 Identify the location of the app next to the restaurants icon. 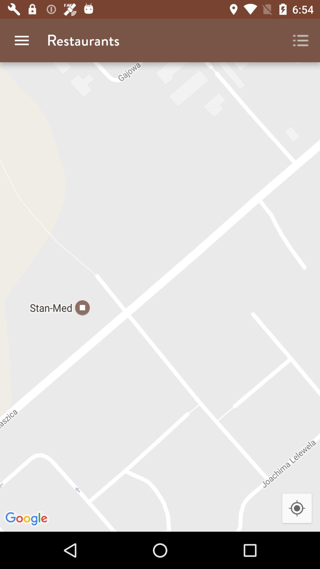
(301, 40).